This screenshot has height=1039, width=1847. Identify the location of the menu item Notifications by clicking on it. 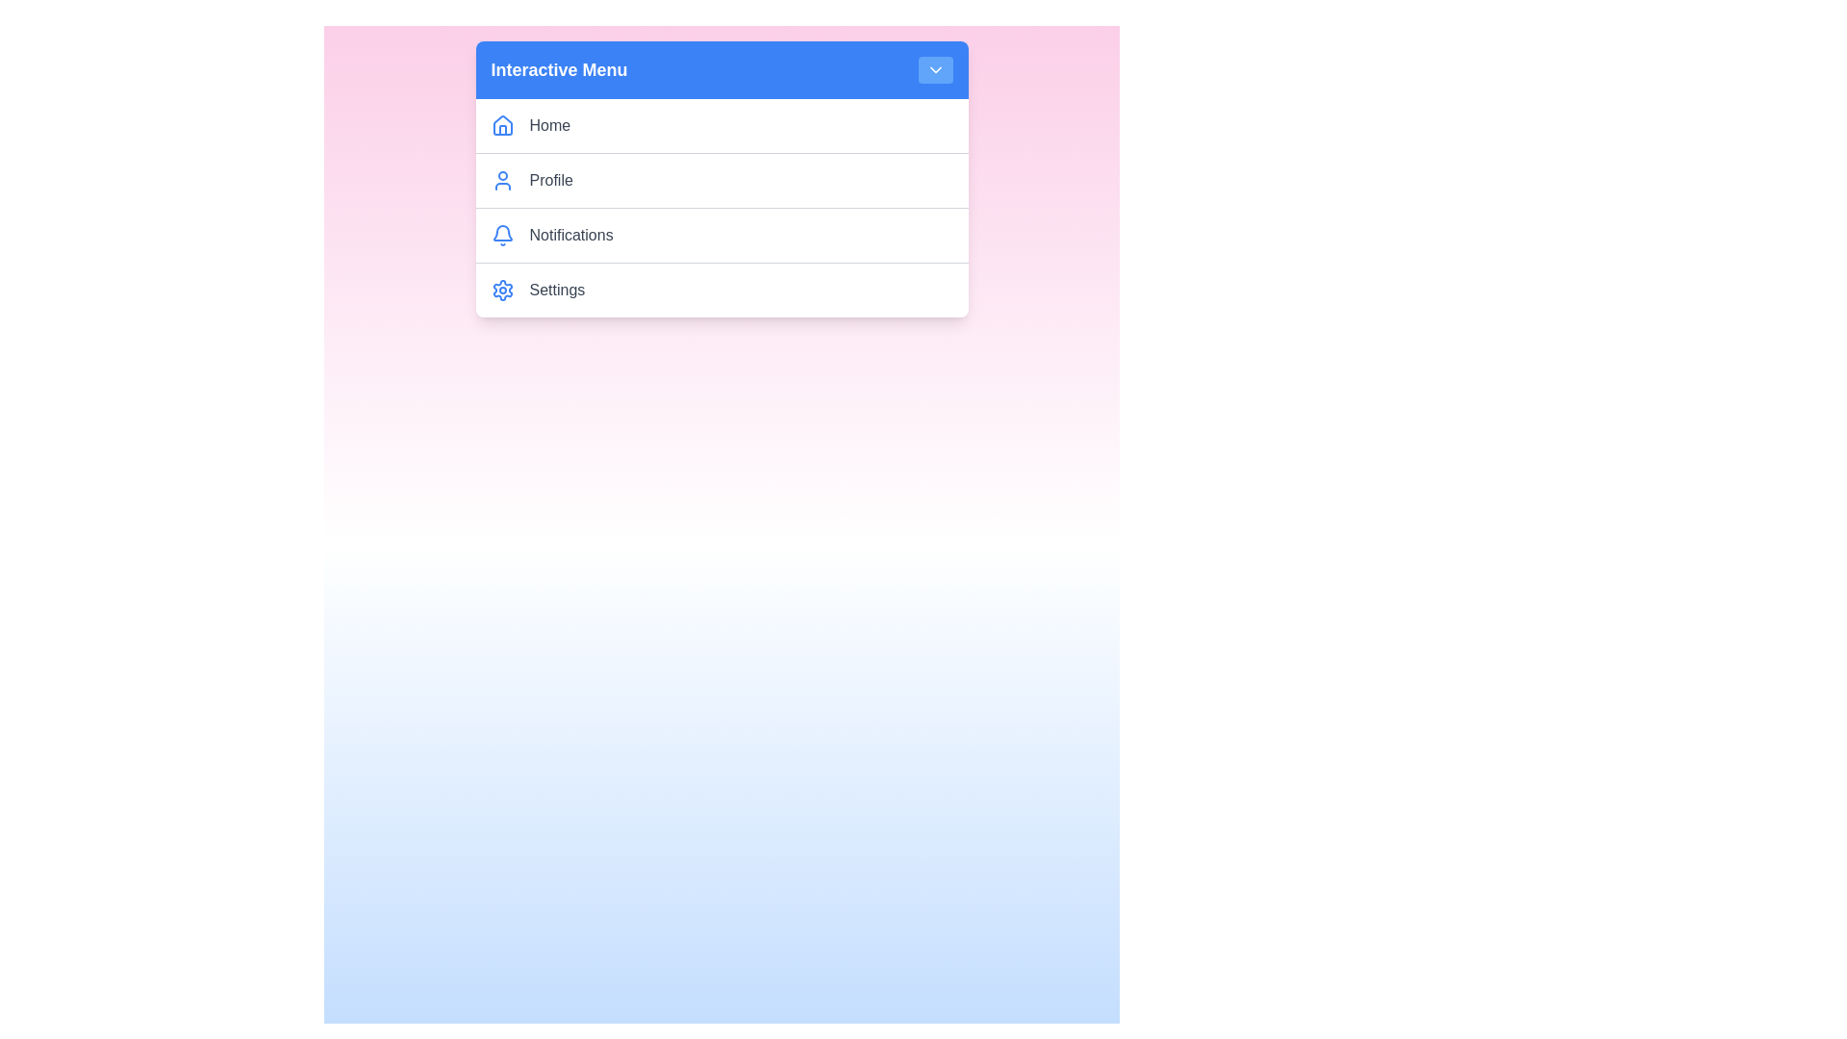
(740, 235).